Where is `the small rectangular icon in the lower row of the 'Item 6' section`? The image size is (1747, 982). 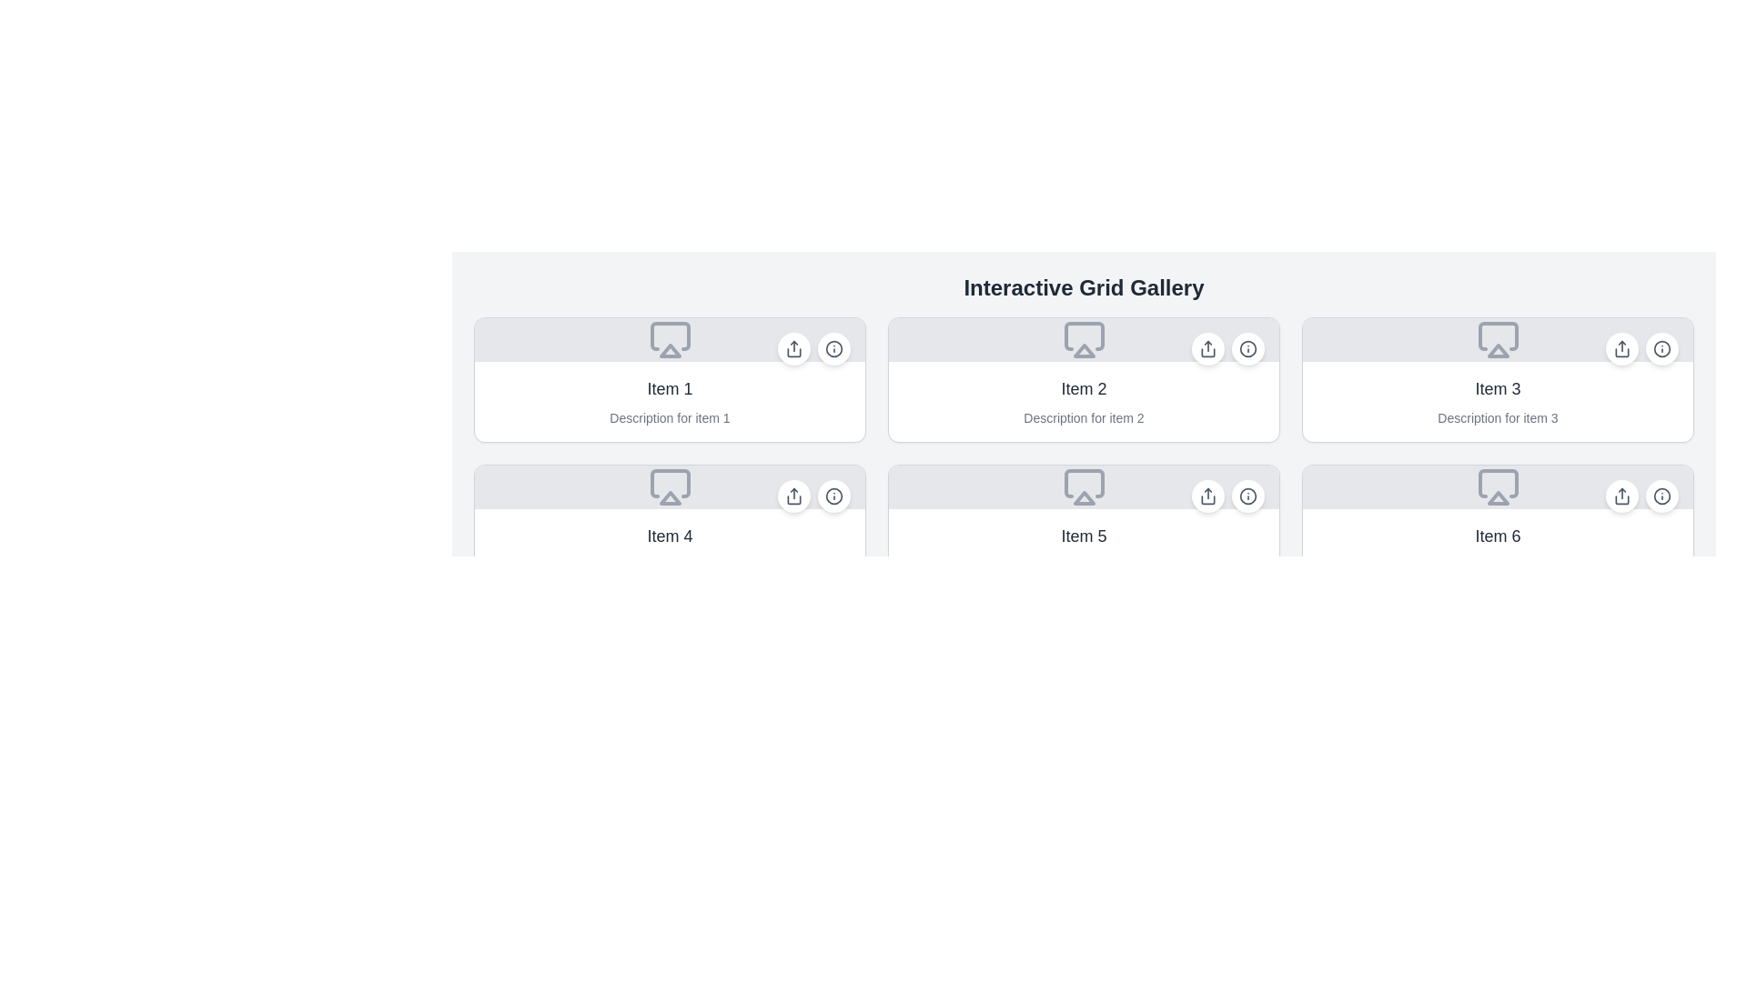 the small rectangular icon in the lower row of the 'Item 6' section is located at coordinates (1498, 483).